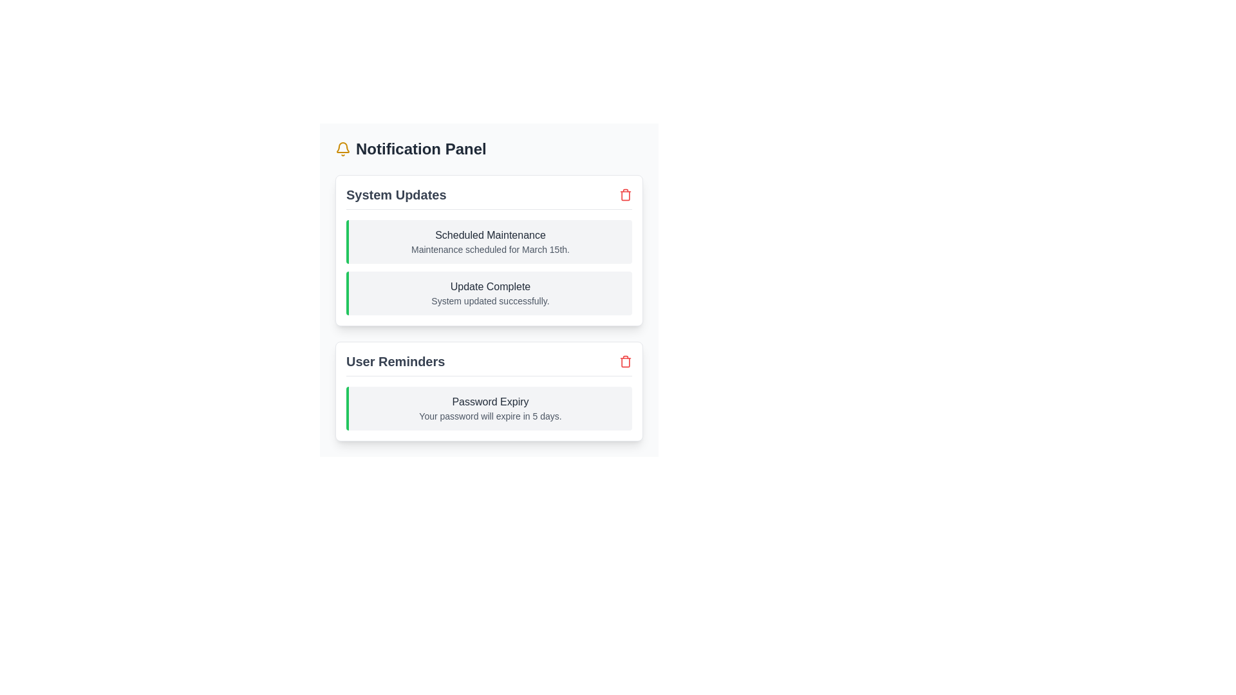  I want to click on the delete icon for the System Updates notification category, so click(625, 195).